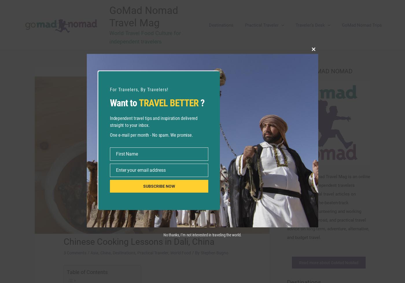 The height and width of the screenshot is (283, 405). What do you see at coordinates (151, 37) in the screenshot?
I see `'World Travel Food Culture for independent travelers'` at bounding box center [151, 37].